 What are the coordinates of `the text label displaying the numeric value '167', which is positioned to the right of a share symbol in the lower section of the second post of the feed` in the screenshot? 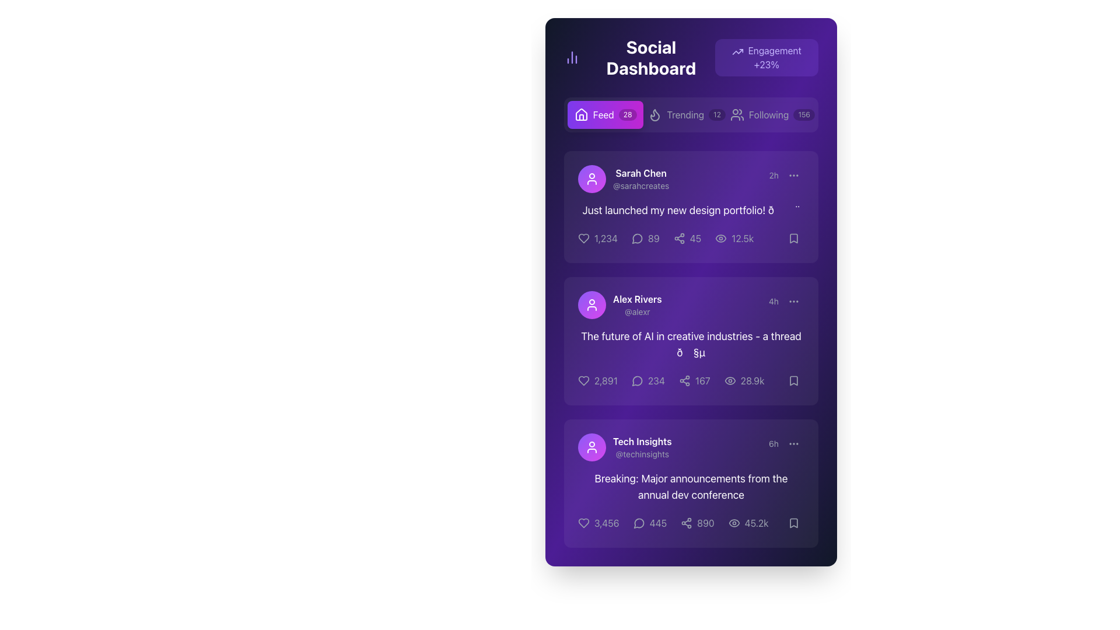 It's located at (702, 380).